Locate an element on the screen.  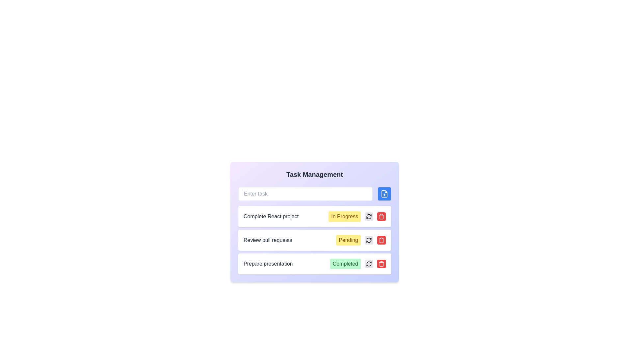
the task item labeled 'Complete React project' which has a status indicator 'In Progress' and is located at the top of the task list is located at coordinates (314, 217).